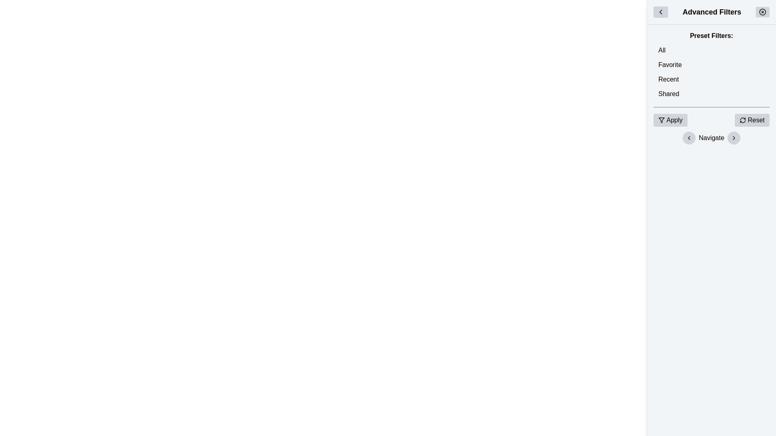  What do you see at coordinates (756, 120) in the screenshot?
I see `the text label within the reset button` at bounding box center [756, 120].